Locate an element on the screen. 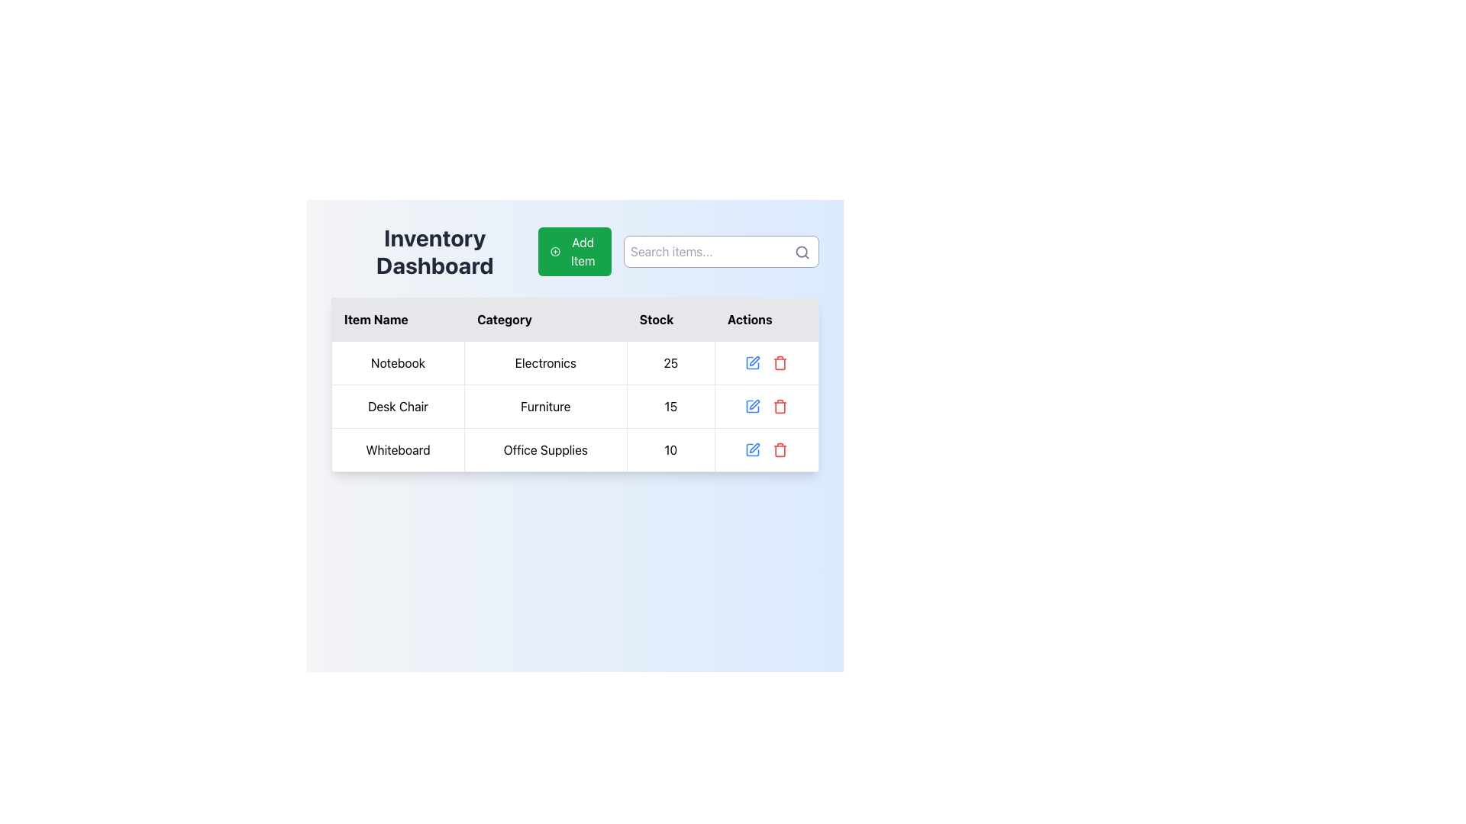 The image size is (1466, 824). individual icons within the Icon Group element located in the 'Actions' column of the second row corresponding to the 'Desk Chair' item is located at coordinates (766, 405).